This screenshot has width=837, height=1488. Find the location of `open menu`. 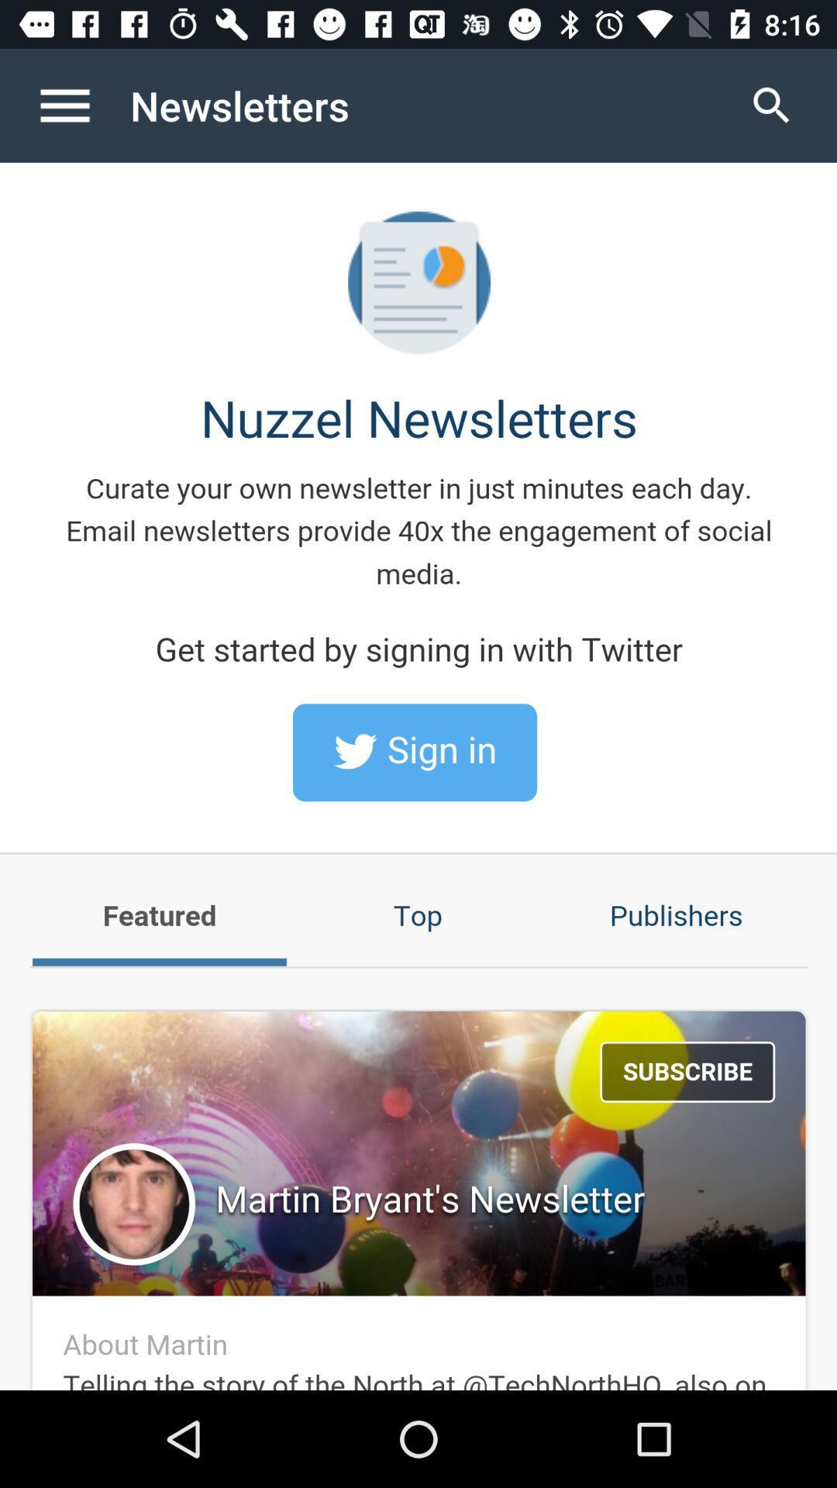

open menu is located at coordinates (81, 105).